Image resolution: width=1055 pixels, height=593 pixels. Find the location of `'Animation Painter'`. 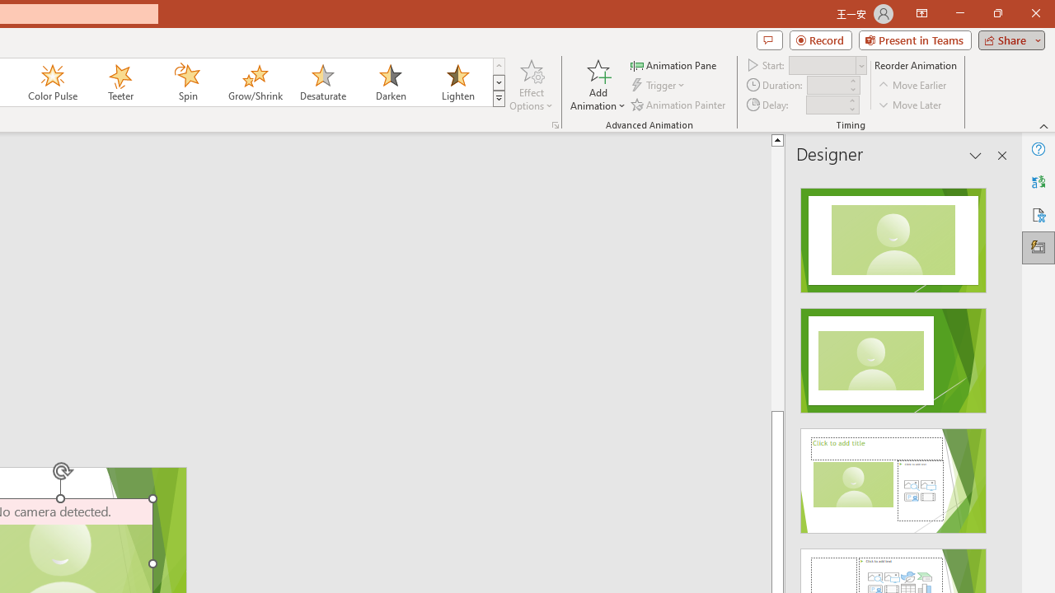

'Animation Painter' is located at coordinates (679, 105).